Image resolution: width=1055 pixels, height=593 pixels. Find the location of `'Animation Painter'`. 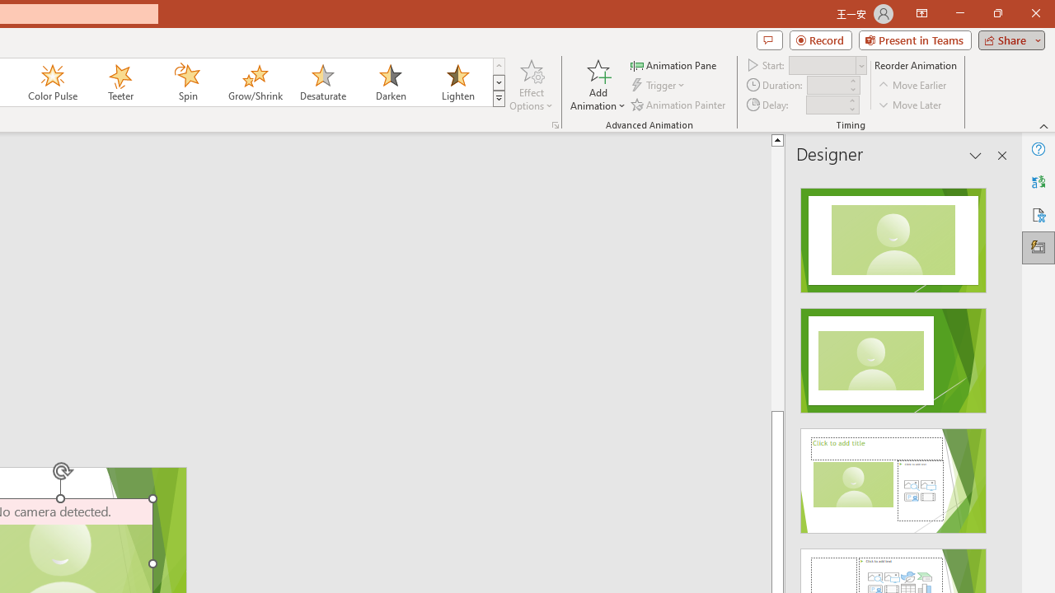

'Animation Painter' is located at coordinates (679, 105).